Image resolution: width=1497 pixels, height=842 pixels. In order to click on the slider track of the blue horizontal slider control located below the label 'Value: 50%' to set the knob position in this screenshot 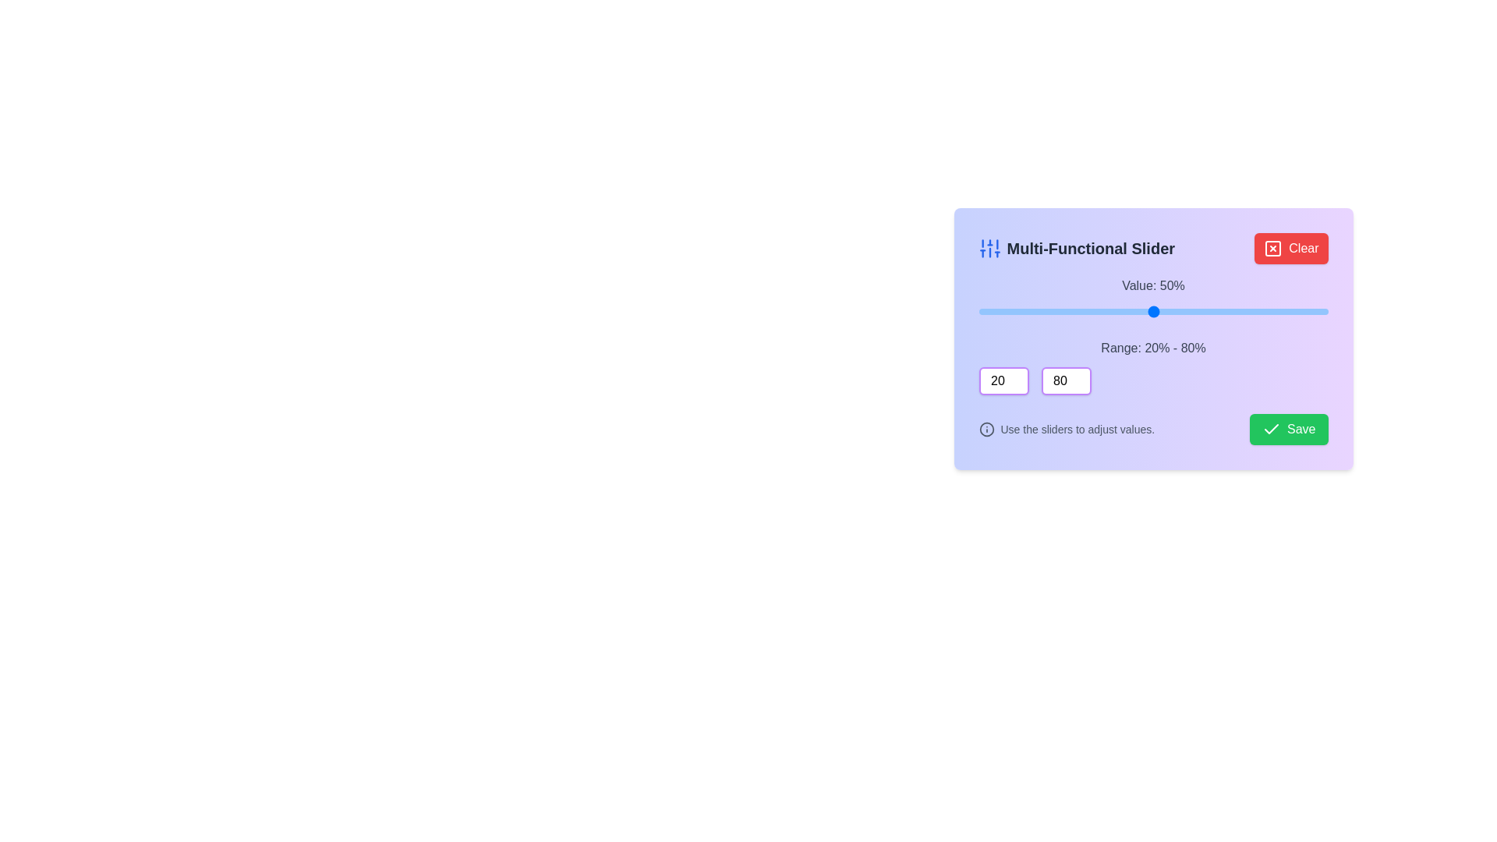, I will do `click(1153, 312)`.